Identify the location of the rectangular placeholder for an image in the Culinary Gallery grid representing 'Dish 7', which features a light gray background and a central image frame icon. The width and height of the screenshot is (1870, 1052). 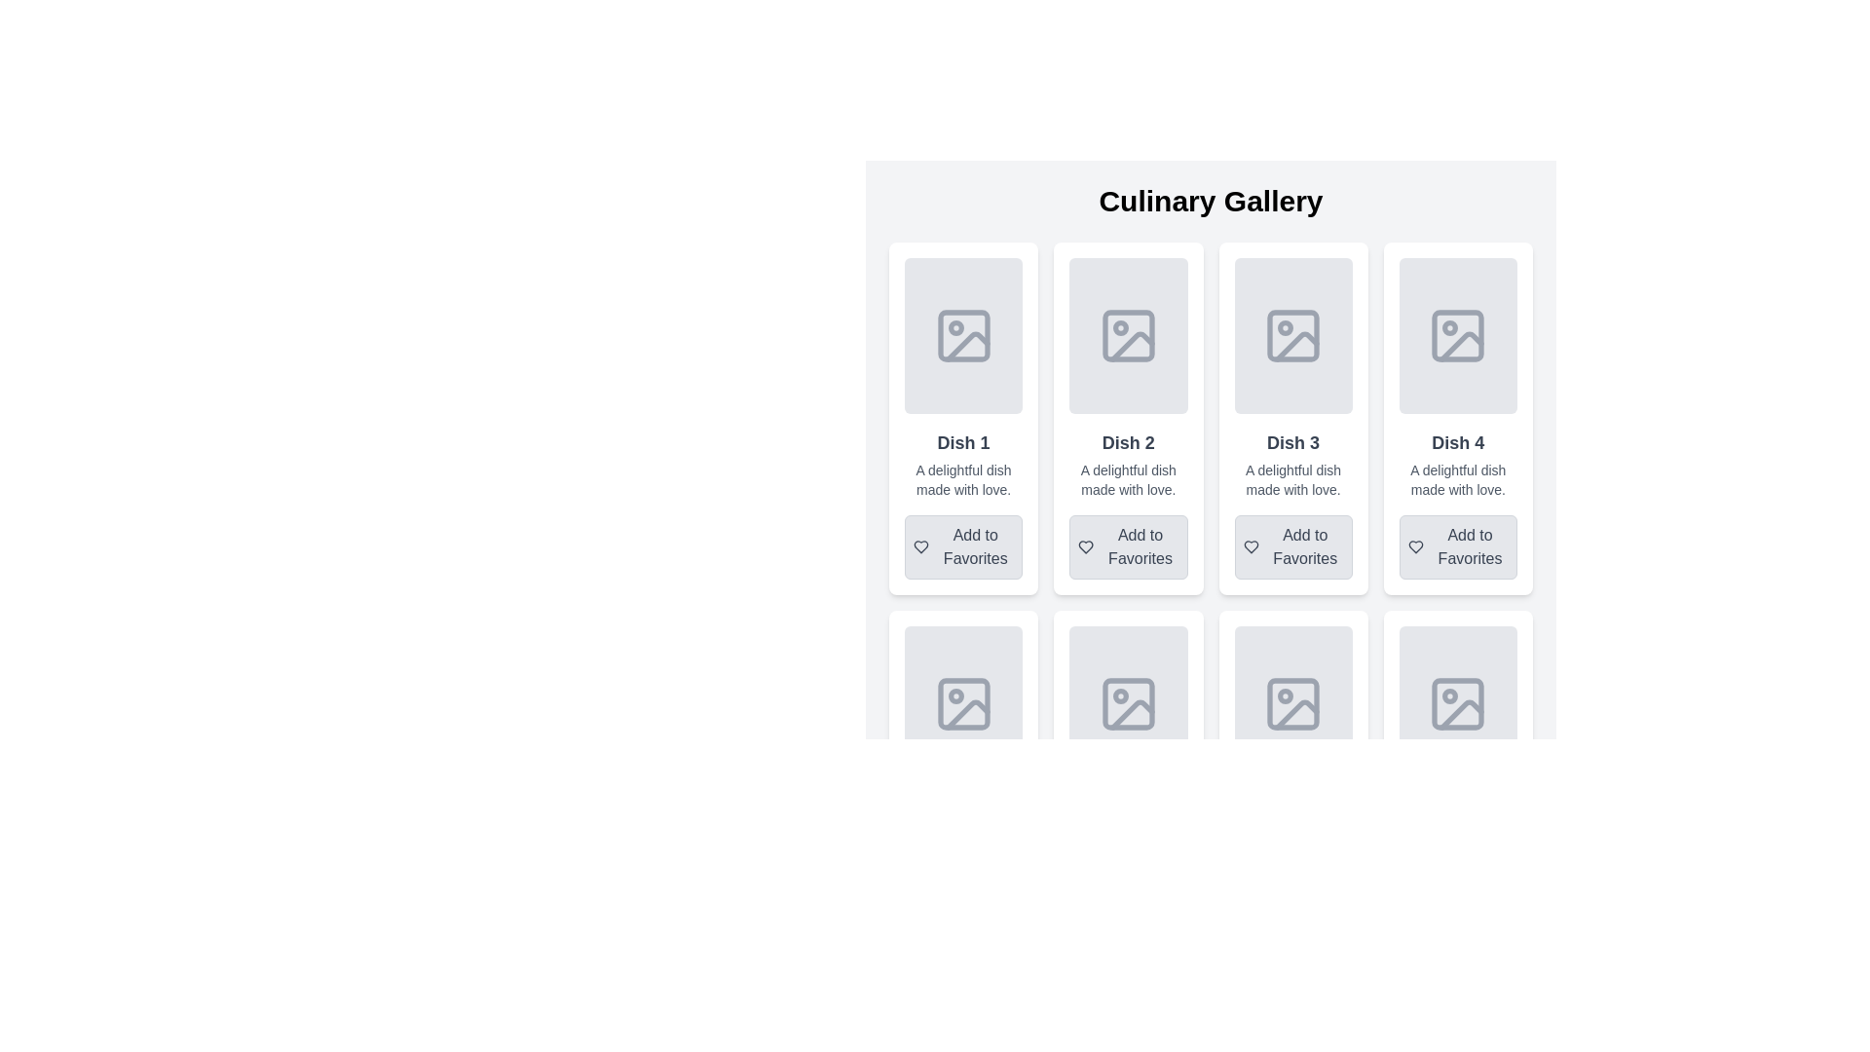
(1293, 703).